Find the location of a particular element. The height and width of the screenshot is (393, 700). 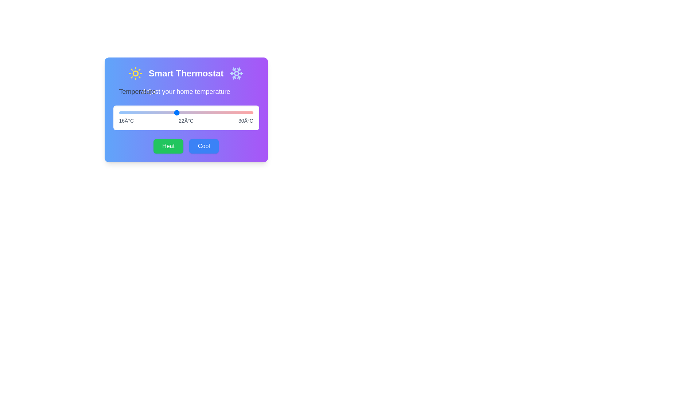

the temperature slider to 27 degrees Celsius is located at coordinates (224, 112).